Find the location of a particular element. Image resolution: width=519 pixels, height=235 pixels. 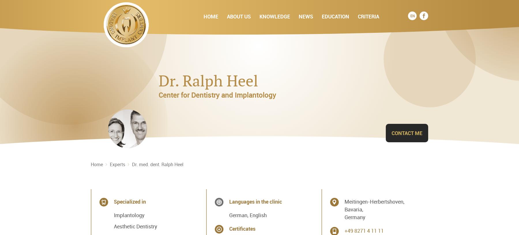

'Germany' is located at coordinates (354, 217).